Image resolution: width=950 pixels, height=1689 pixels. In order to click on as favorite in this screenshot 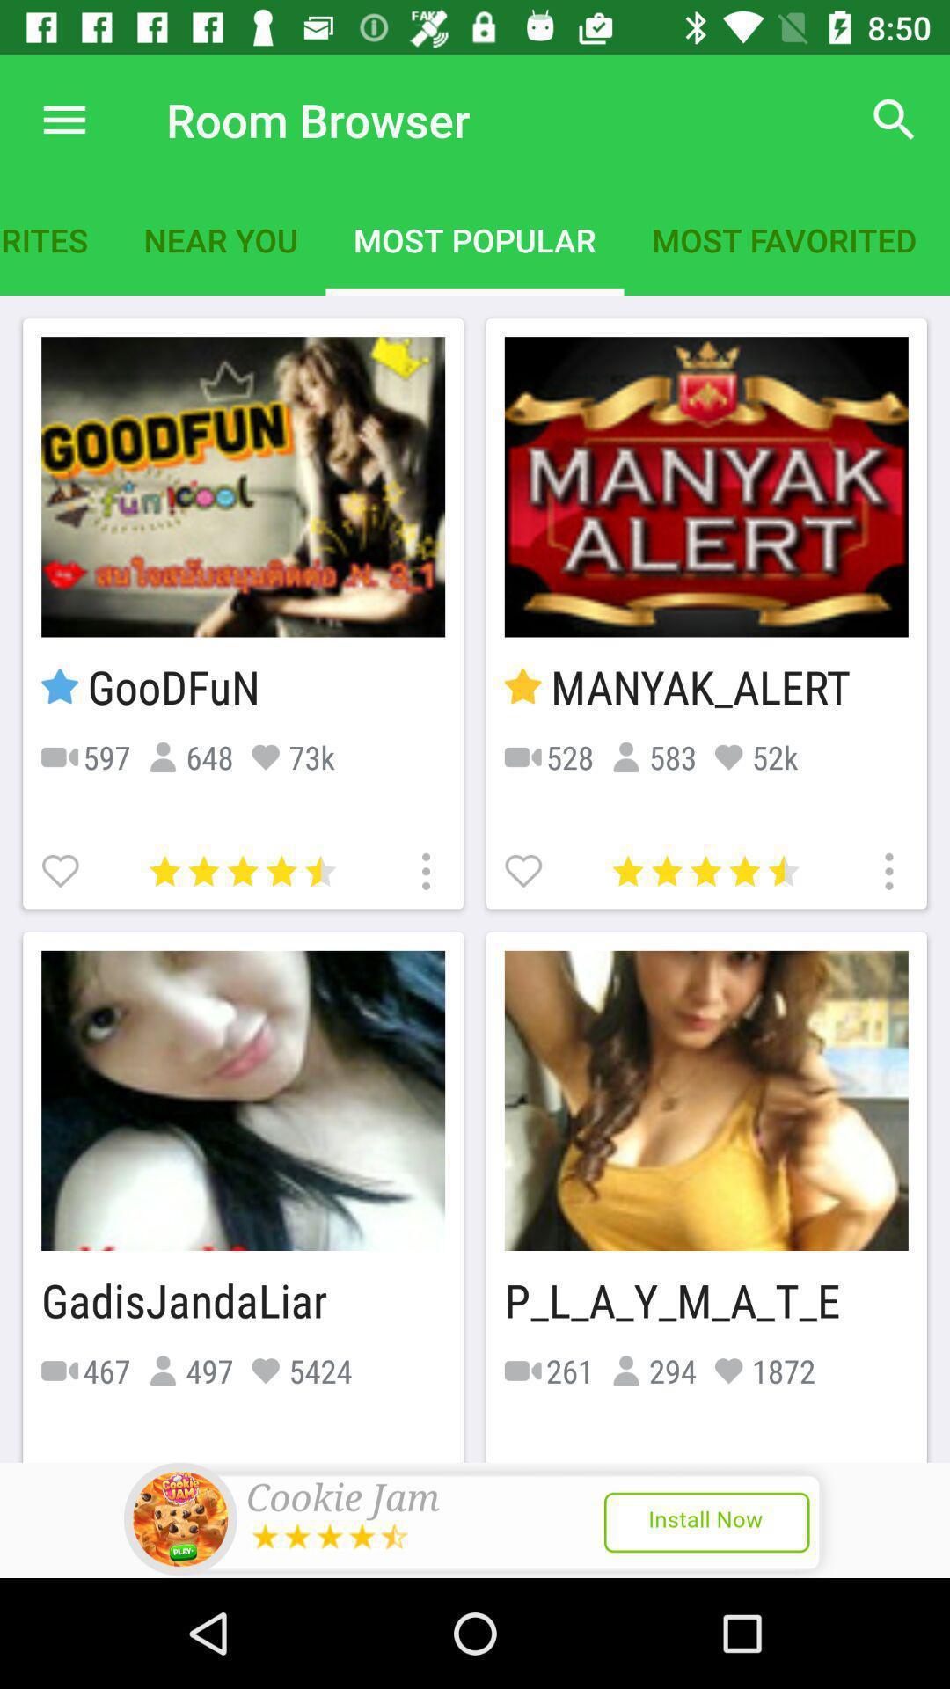, I will do `click(62, 869)`.